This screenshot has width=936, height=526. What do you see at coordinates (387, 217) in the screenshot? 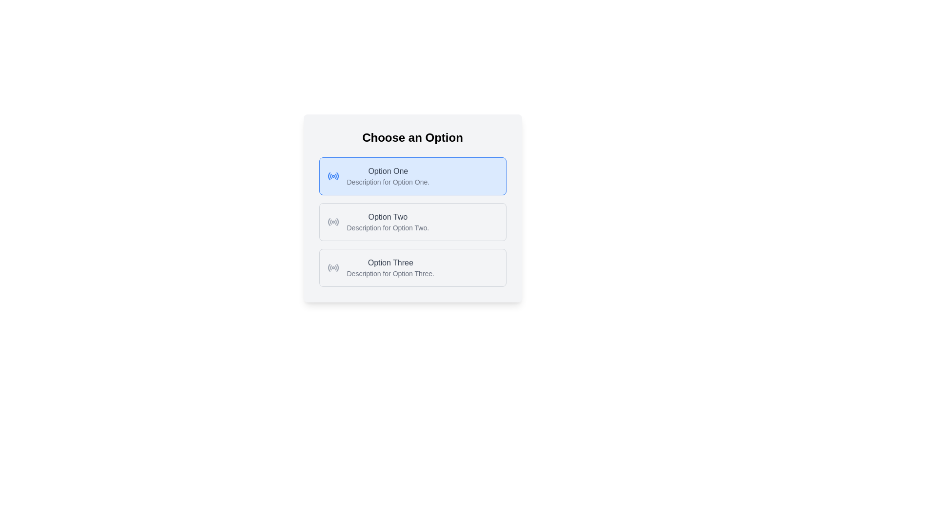
I see `the static text label for 'Option Two', which is positioned between 'Option One' and 'Option Three' and provides a title for the user` at bounding box center [387, 217].